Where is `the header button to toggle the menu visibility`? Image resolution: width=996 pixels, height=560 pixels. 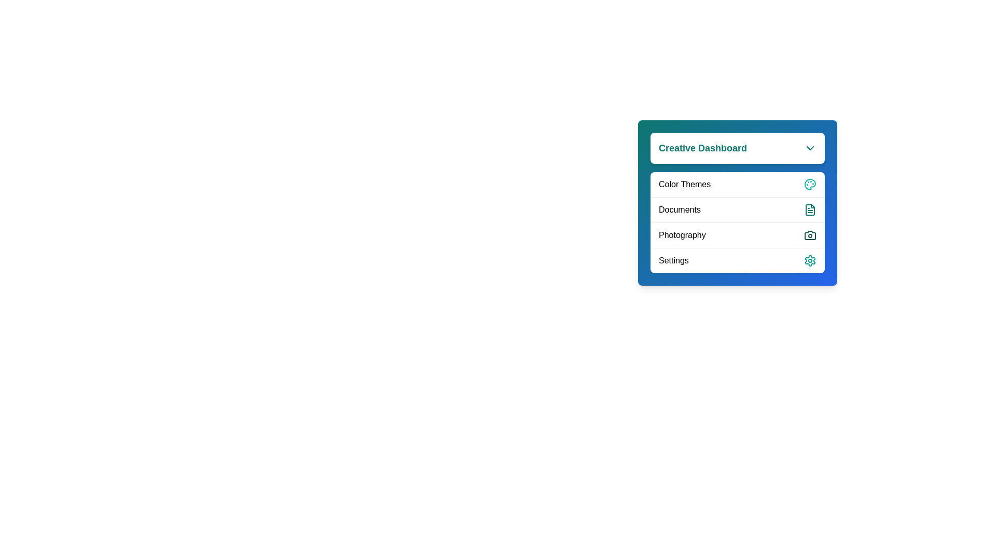 the header button to toggle the menu visibility is located at coordinates (737, 148).